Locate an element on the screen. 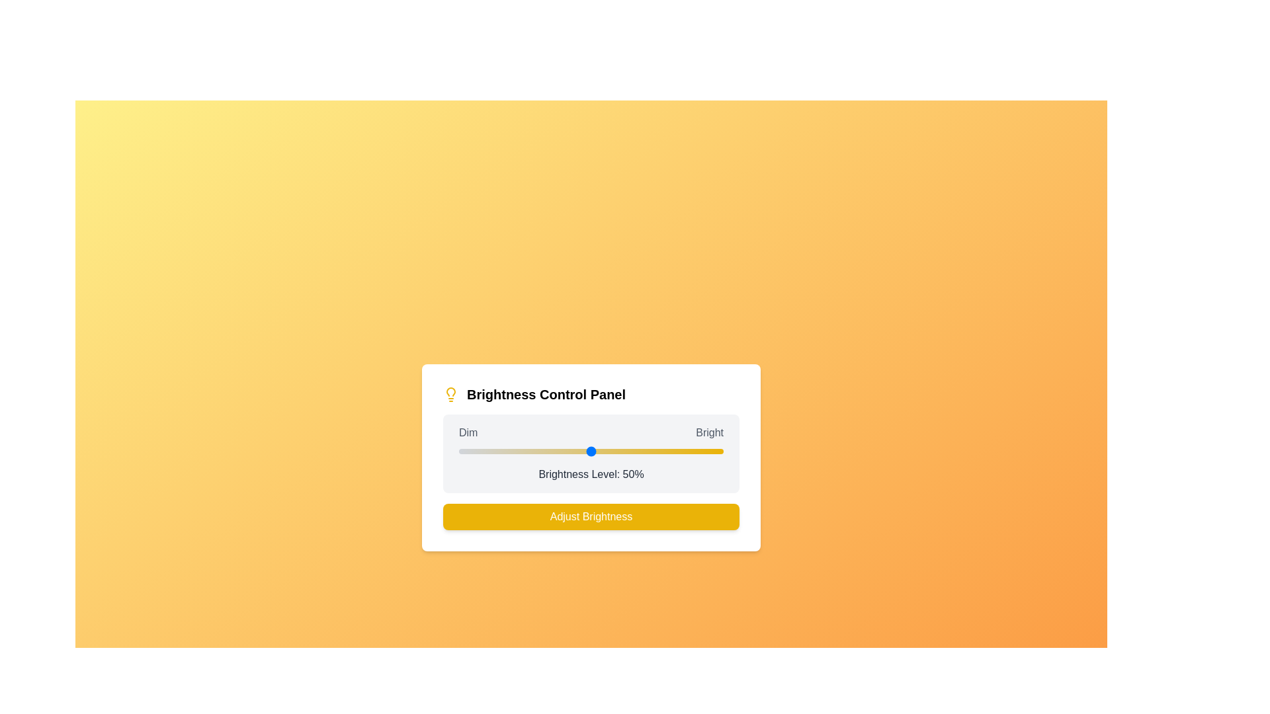 This screenshot has width=1270, height=714. the 'Adjust Brightness' button is located at coordinates (590, 516).